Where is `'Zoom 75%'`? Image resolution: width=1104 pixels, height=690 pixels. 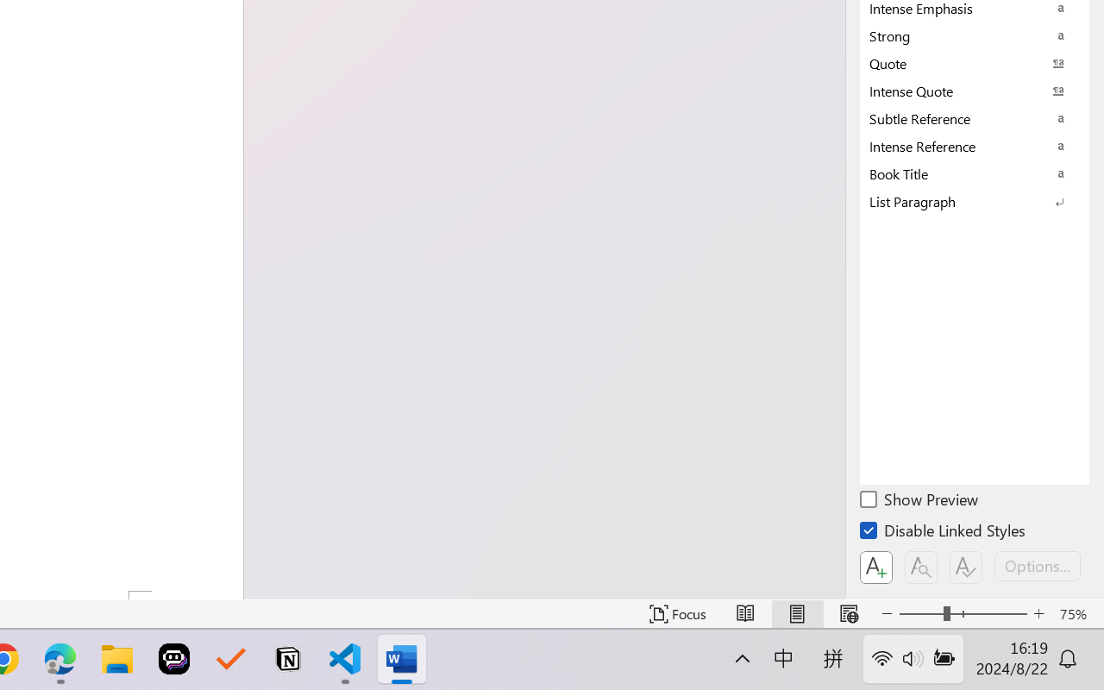
'Zoom 75%' is located at coordinates (1076, 613).